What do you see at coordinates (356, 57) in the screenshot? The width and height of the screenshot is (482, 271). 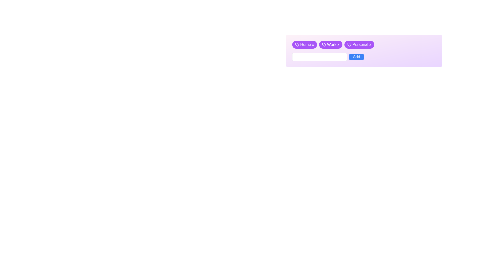 I see `the submission button located at the far-right side of the horizontal section` at bounding box center [356, 57].